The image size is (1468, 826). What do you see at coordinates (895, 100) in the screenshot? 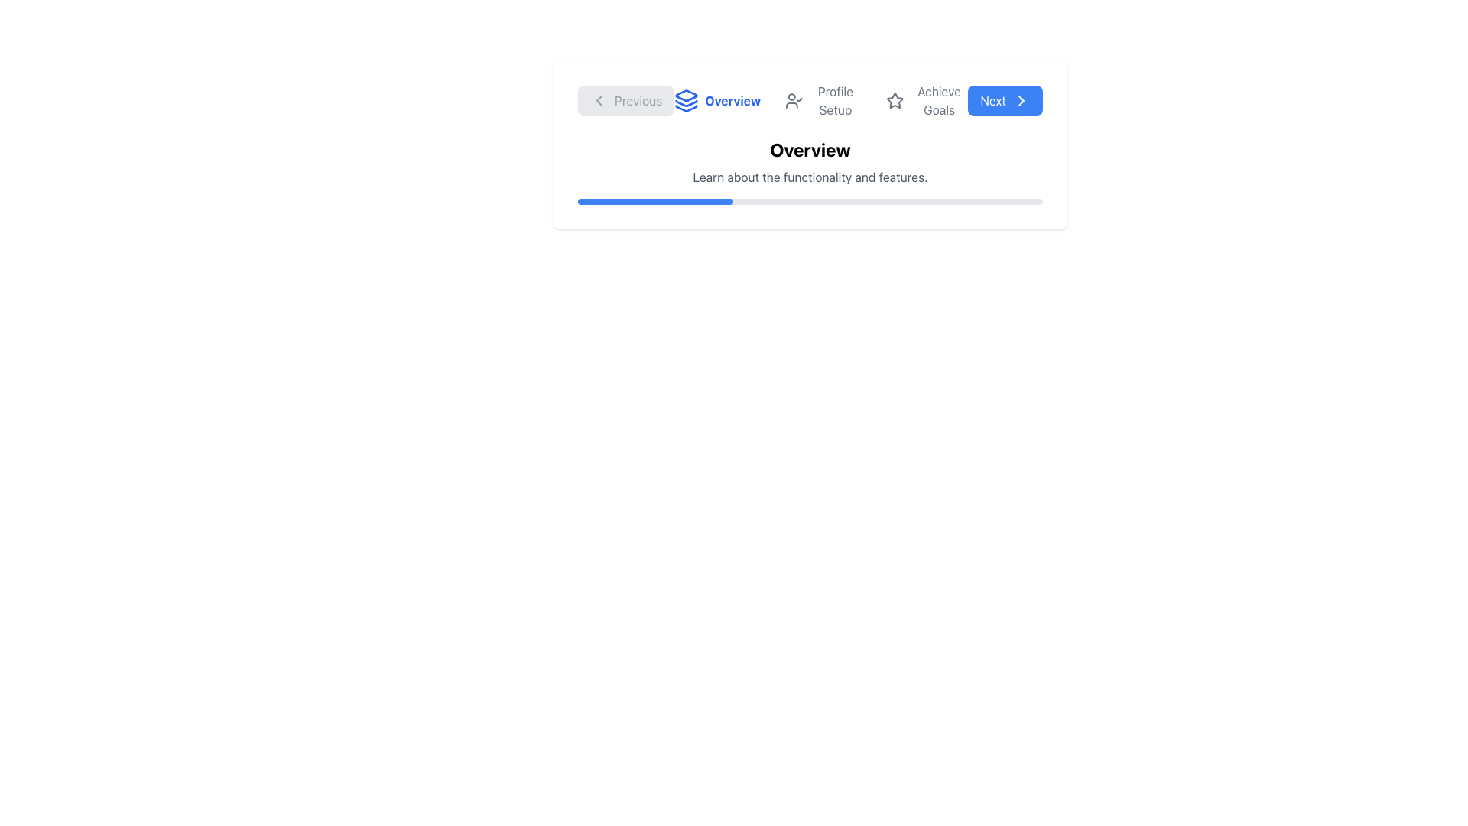
I see `the hollow star-shaped icon with a gray outline located in the navigation panel to the left of the 'Achieve Goals' text` at bounding box center [895, 100].